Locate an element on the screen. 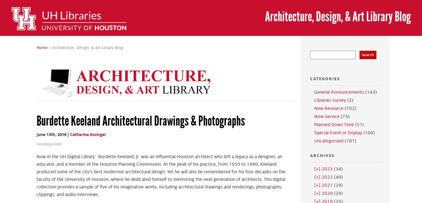 This screenshot has width=422, height=203. 'Categories' is located at coordinates (324, 78).